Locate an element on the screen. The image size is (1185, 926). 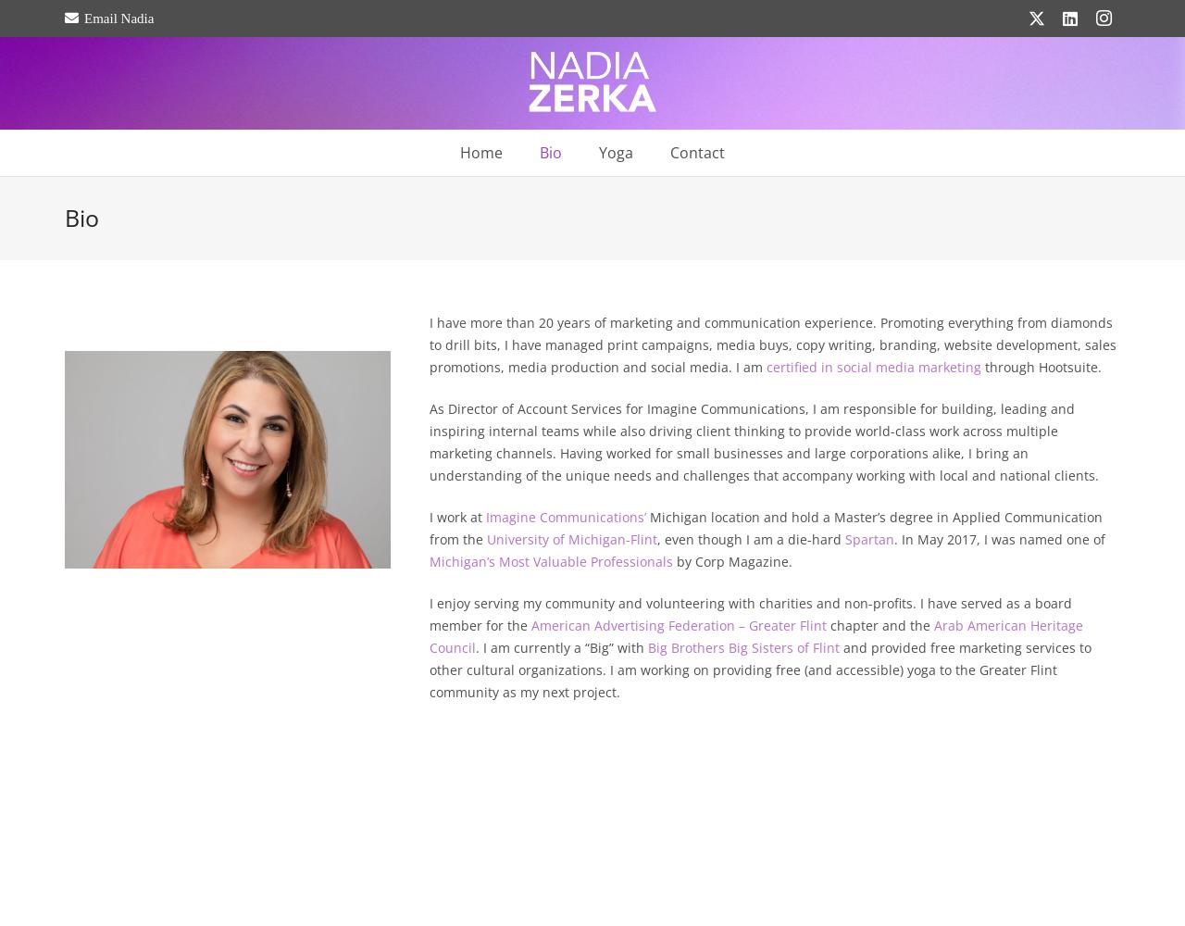
'and provided free marketing services to other cultural organizations. I am working on providing free (and accessible) yoga to the Greater Flint community as my next project.' is located at coordinates (759, 669).